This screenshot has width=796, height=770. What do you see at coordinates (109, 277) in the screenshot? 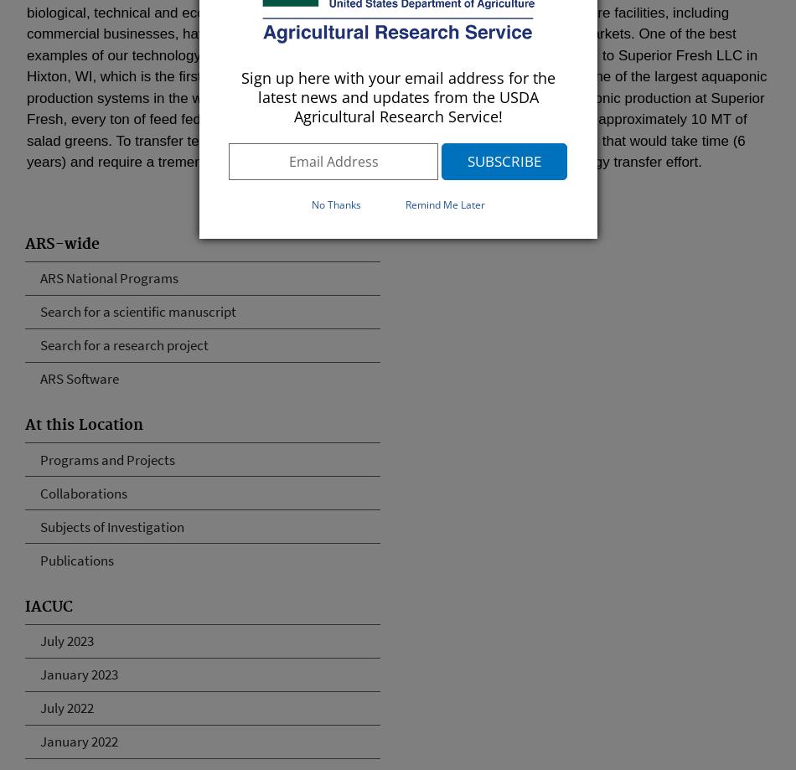
I see `'ARS National Programs'` at bounding box center [109, 277].